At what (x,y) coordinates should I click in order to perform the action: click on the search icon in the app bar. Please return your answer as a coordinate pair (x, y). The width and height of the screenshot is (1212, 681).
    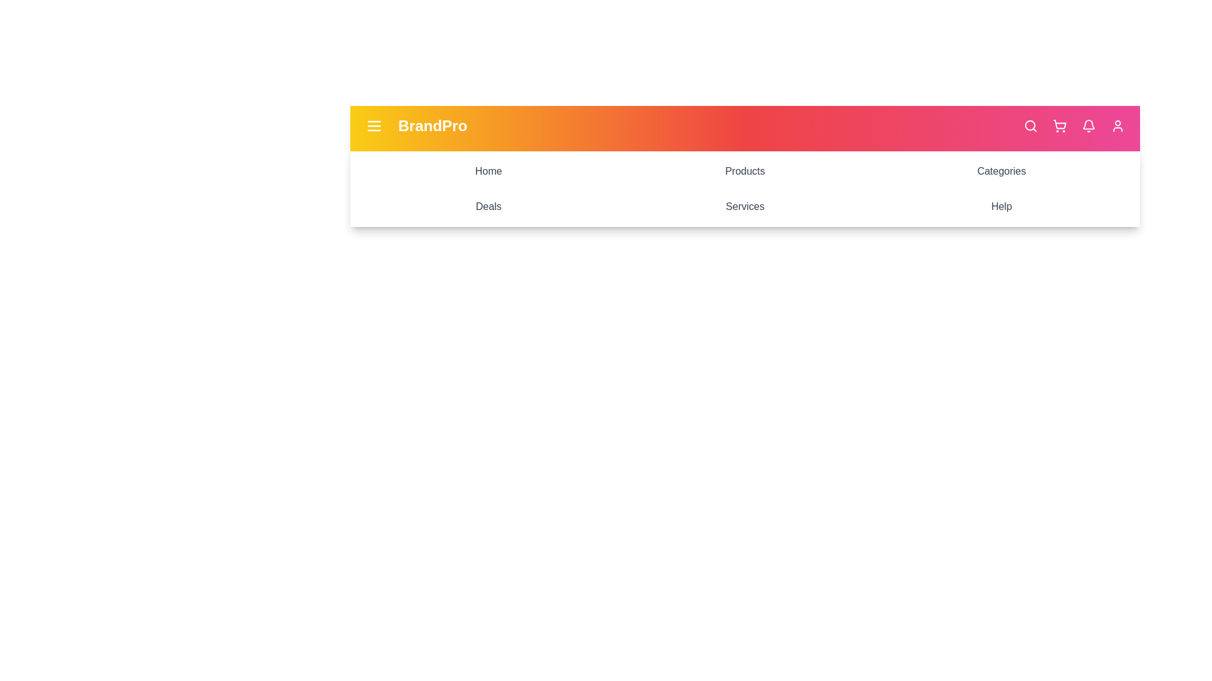
    Looking at the image, I should click on (1030, 126).